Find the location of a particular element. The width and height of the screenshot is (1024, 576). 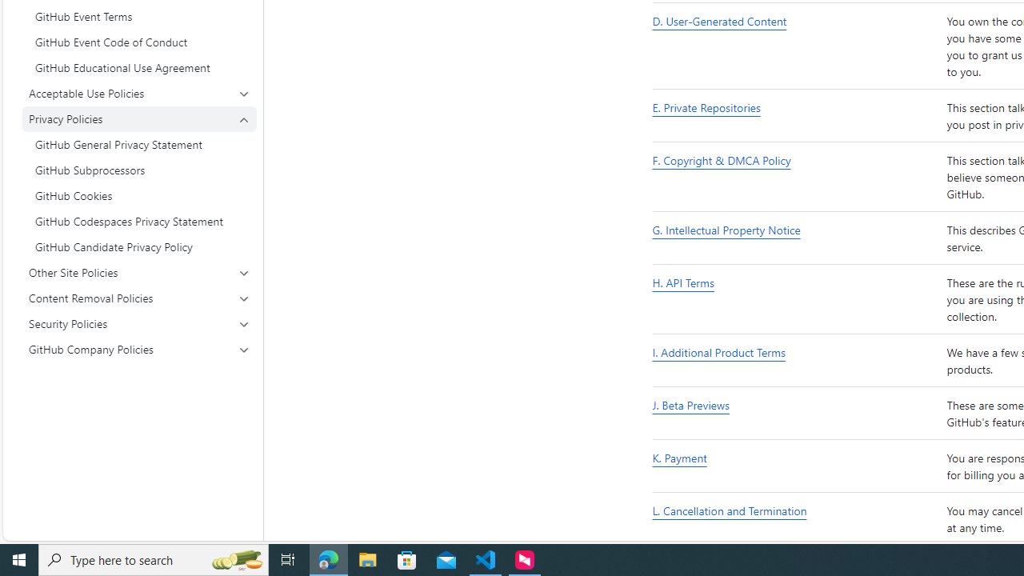

'H. API Terms' is located at coordinates (796, 300).